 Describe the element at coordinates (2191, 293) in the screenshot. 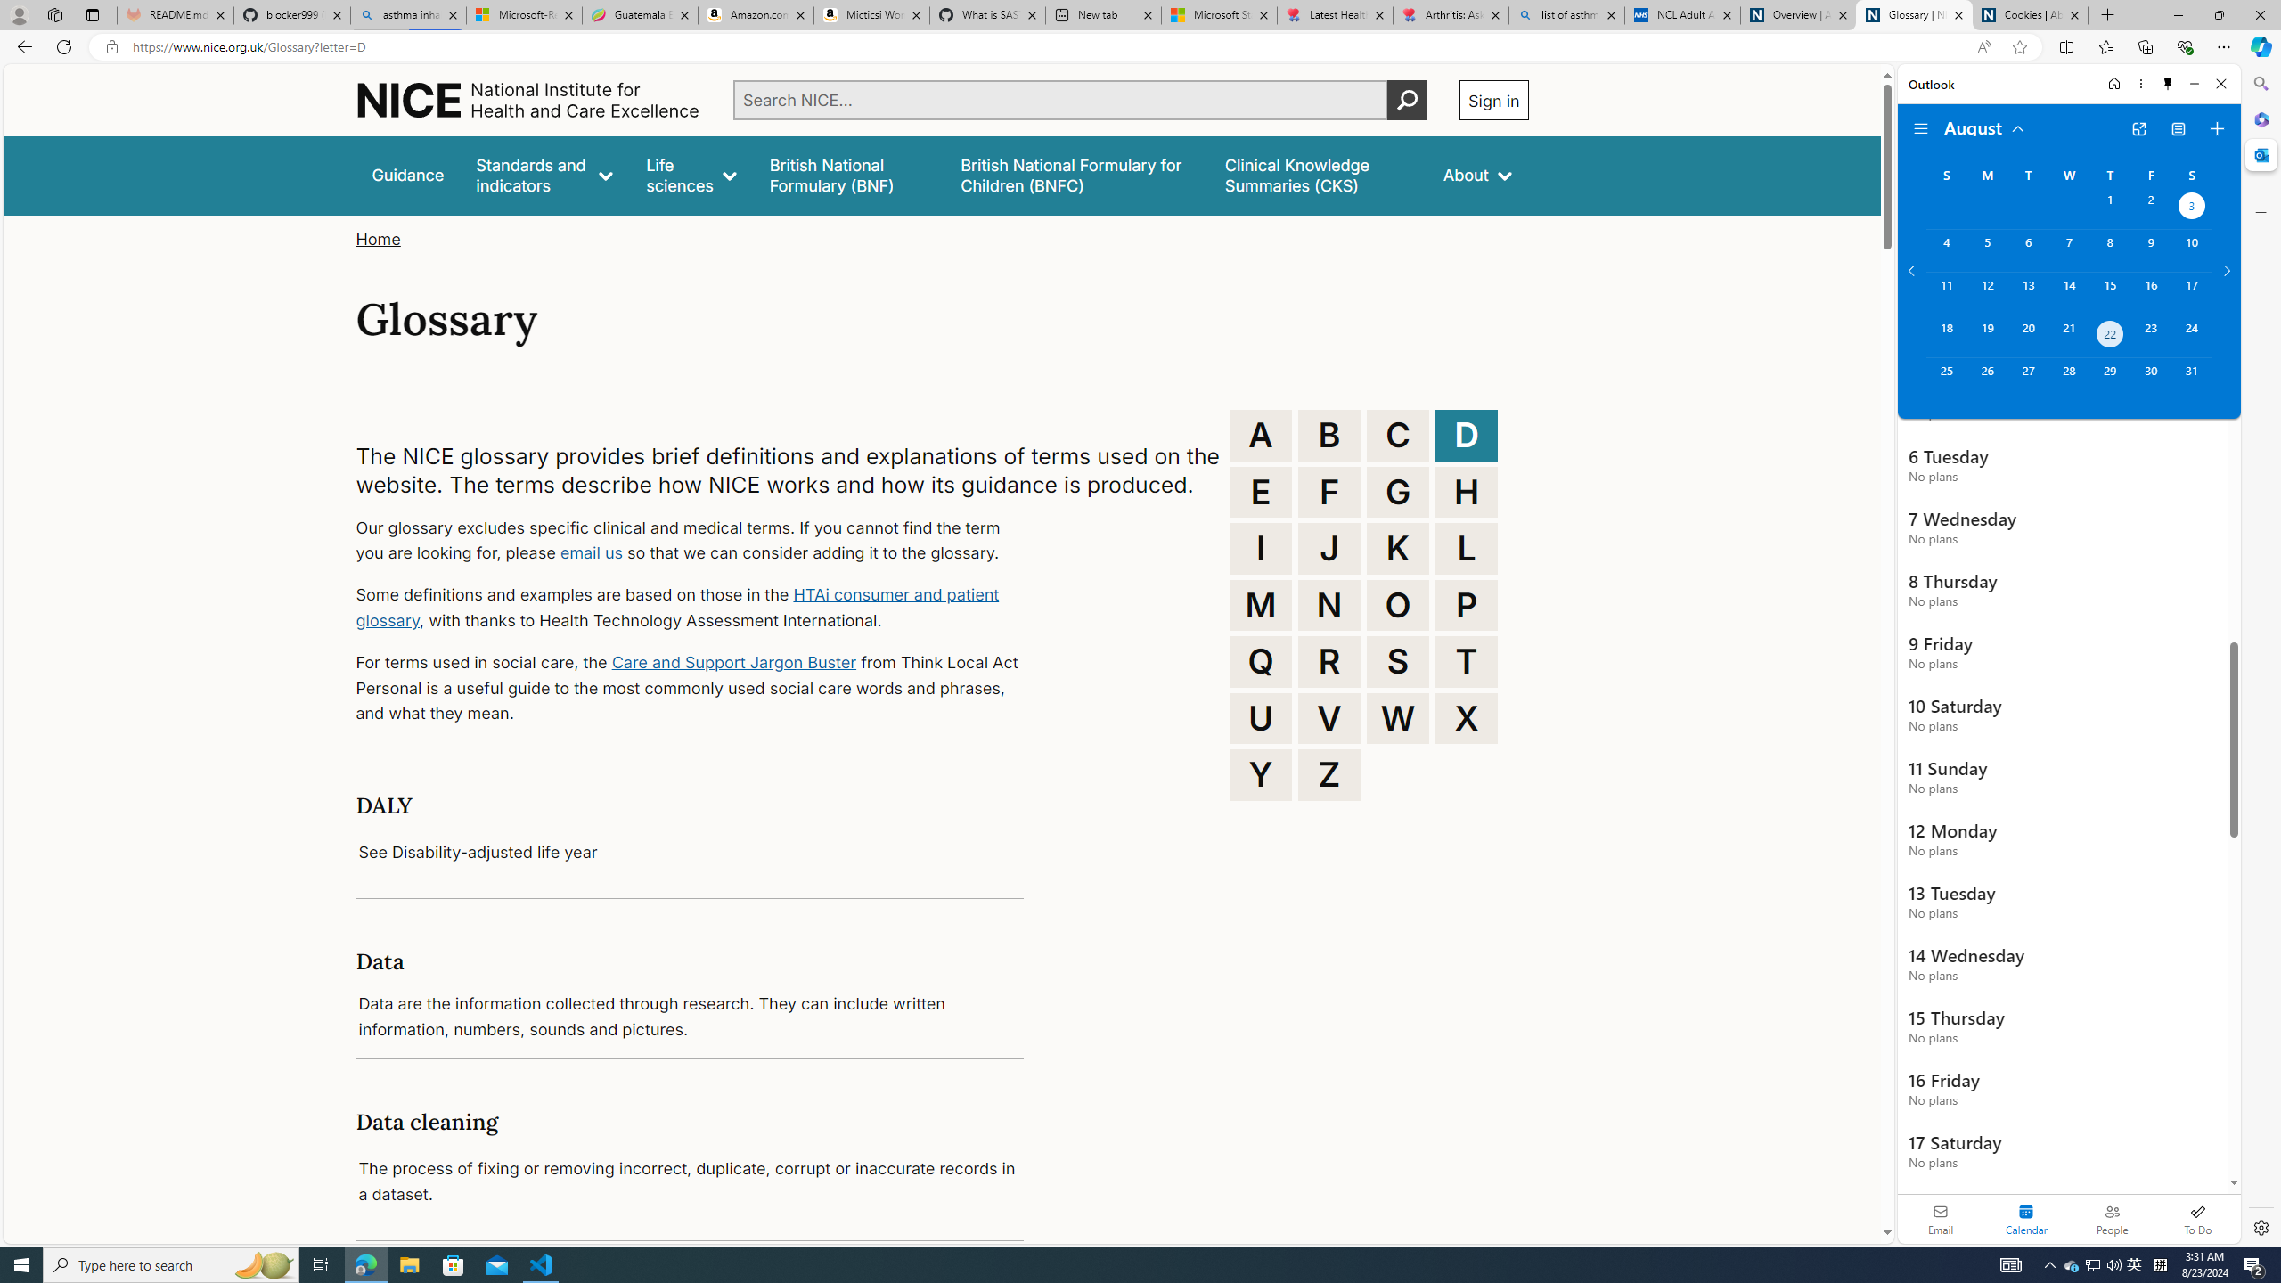

I see `'Saturday, August 17, 2024. '` at that location.